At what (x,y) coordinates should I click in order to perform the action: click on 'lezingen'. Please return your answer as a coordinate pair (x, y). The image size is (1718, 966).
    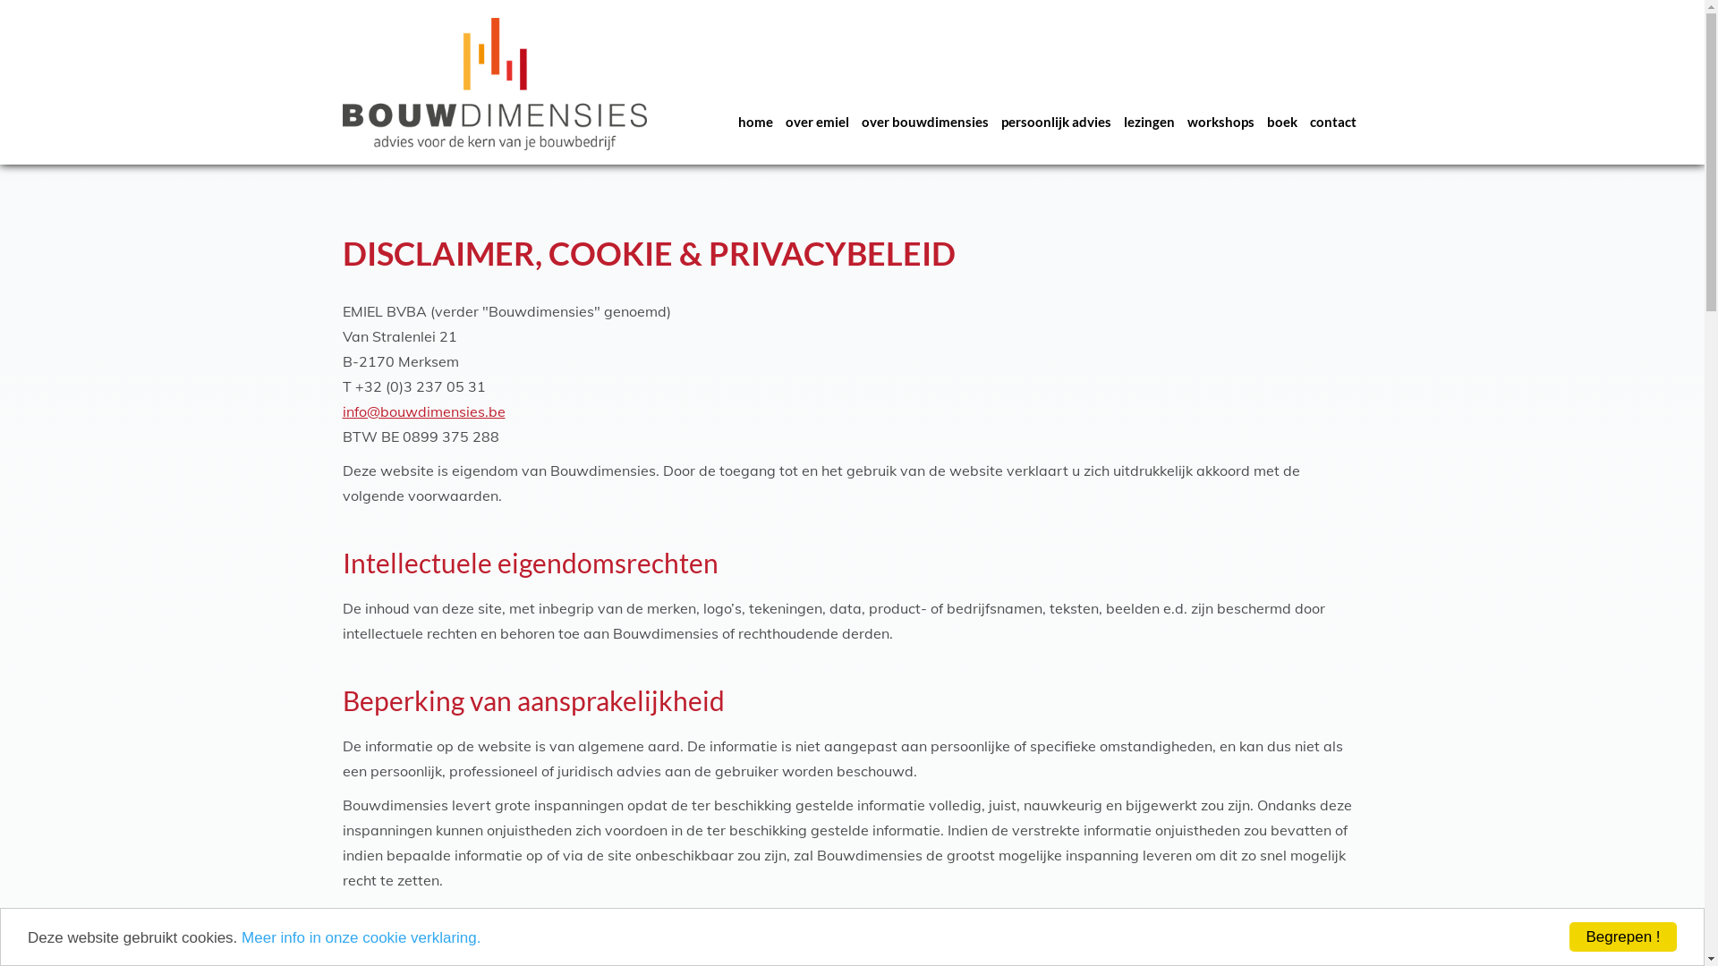
    Looking at the image, I should click on (1148, 120).